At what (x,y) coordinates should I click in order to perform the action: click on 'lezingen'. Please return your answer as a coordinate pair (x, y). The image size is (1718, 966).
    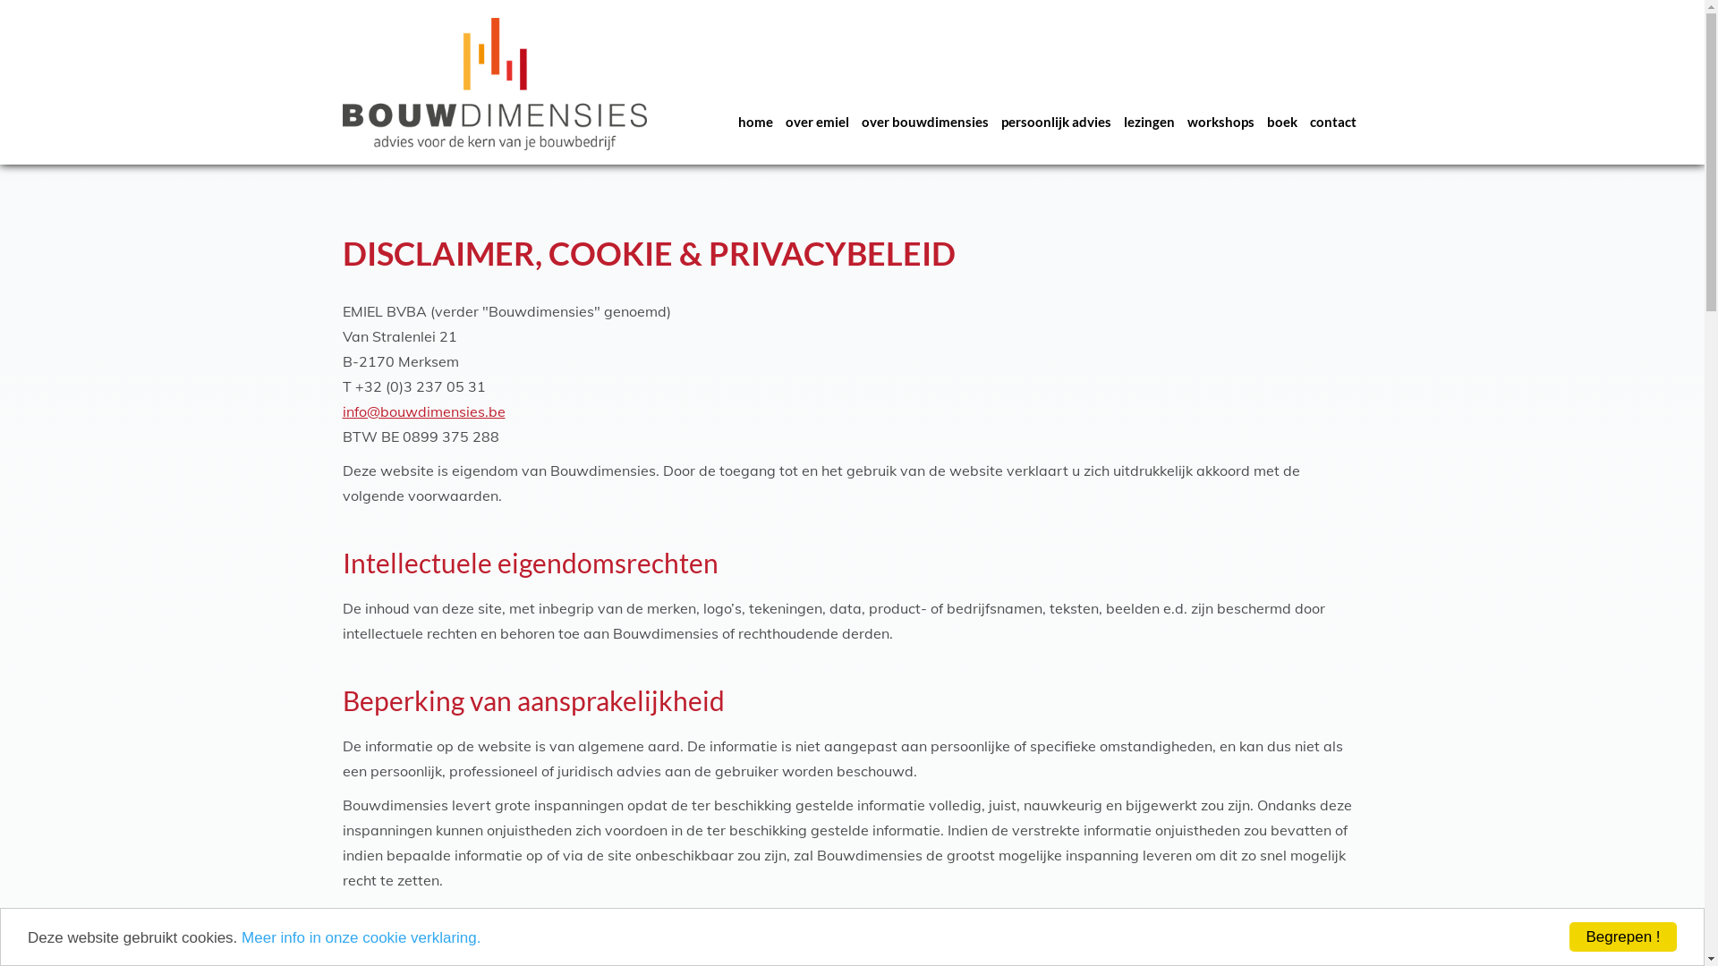
    Looking at the image, I should click on (1148, 120).